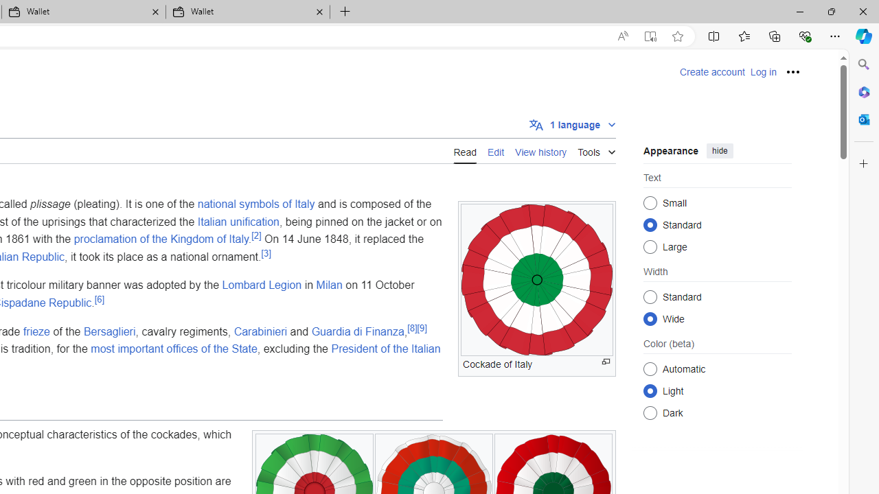 The width and height of the screenshot is (879, 494). What do you see at coordinates (161, 238) in the screenshot?
I see `'proclamation of the Kingdom of Italy'` at bounding box center [161, 238].